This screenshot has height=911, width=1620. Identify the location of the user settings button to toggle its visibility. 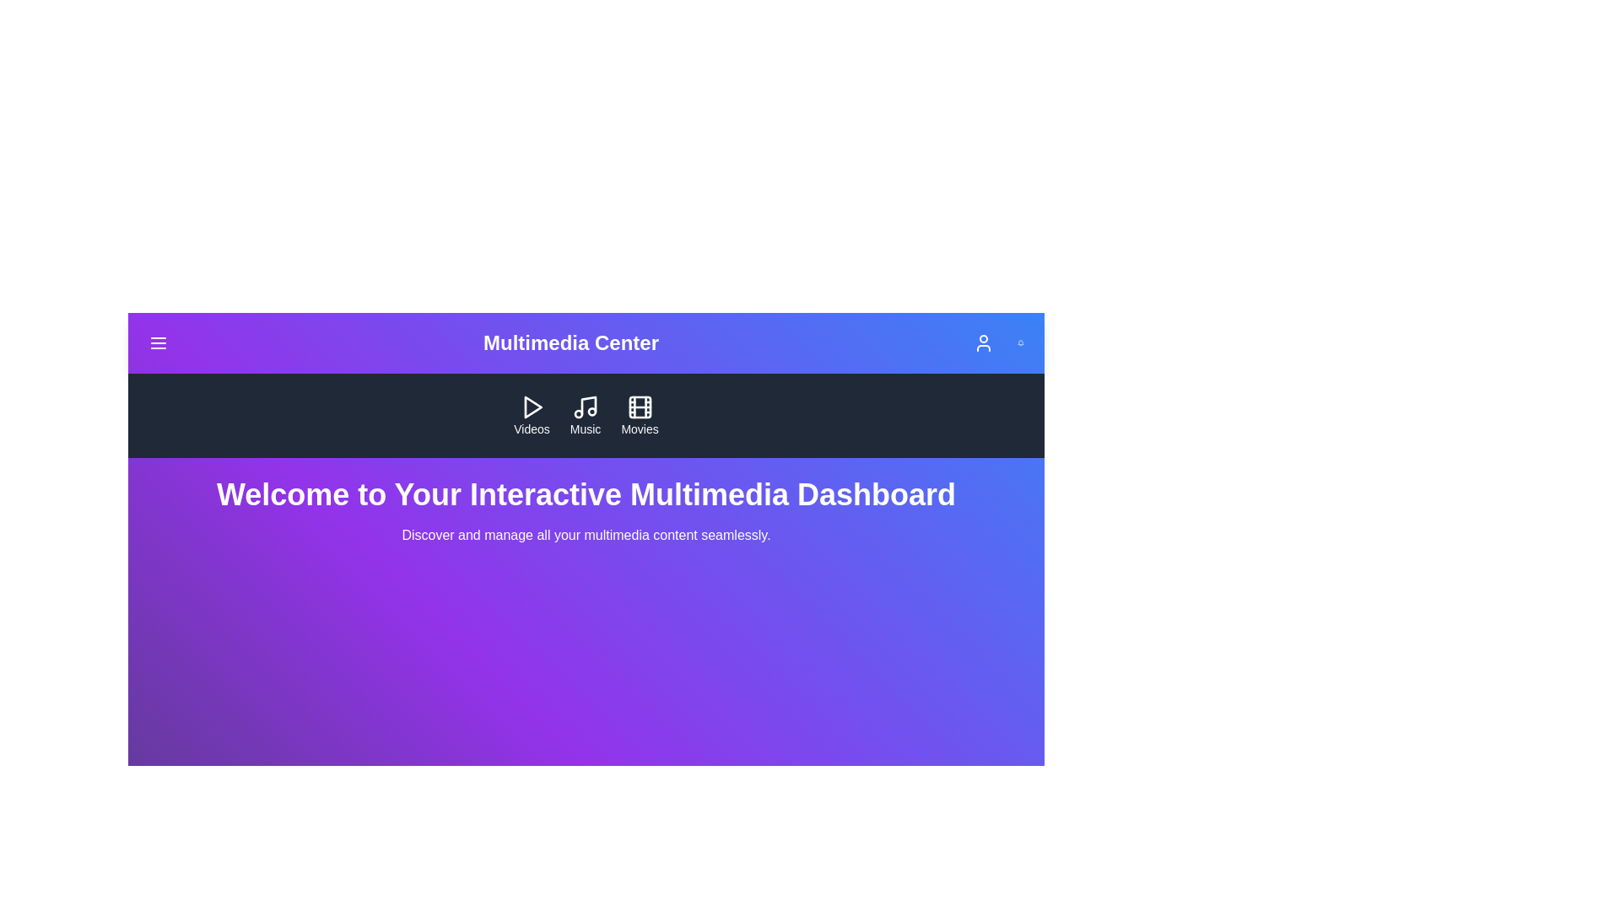
(984, 342).